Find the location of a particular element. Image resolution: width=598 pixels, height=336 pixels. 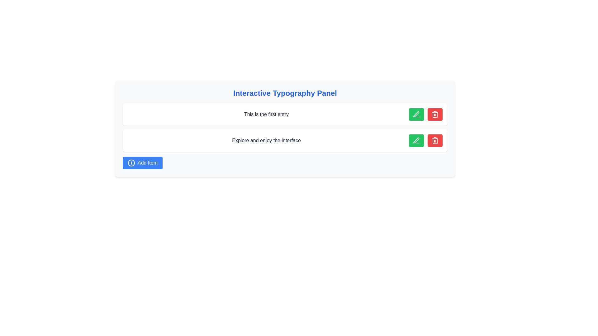

the button located in the 'Interactive Typography Panel' that allows users to add a new item or entry, positioned below two content blocks and at the bottom-left of the panel is located at coordinates (142, 163).